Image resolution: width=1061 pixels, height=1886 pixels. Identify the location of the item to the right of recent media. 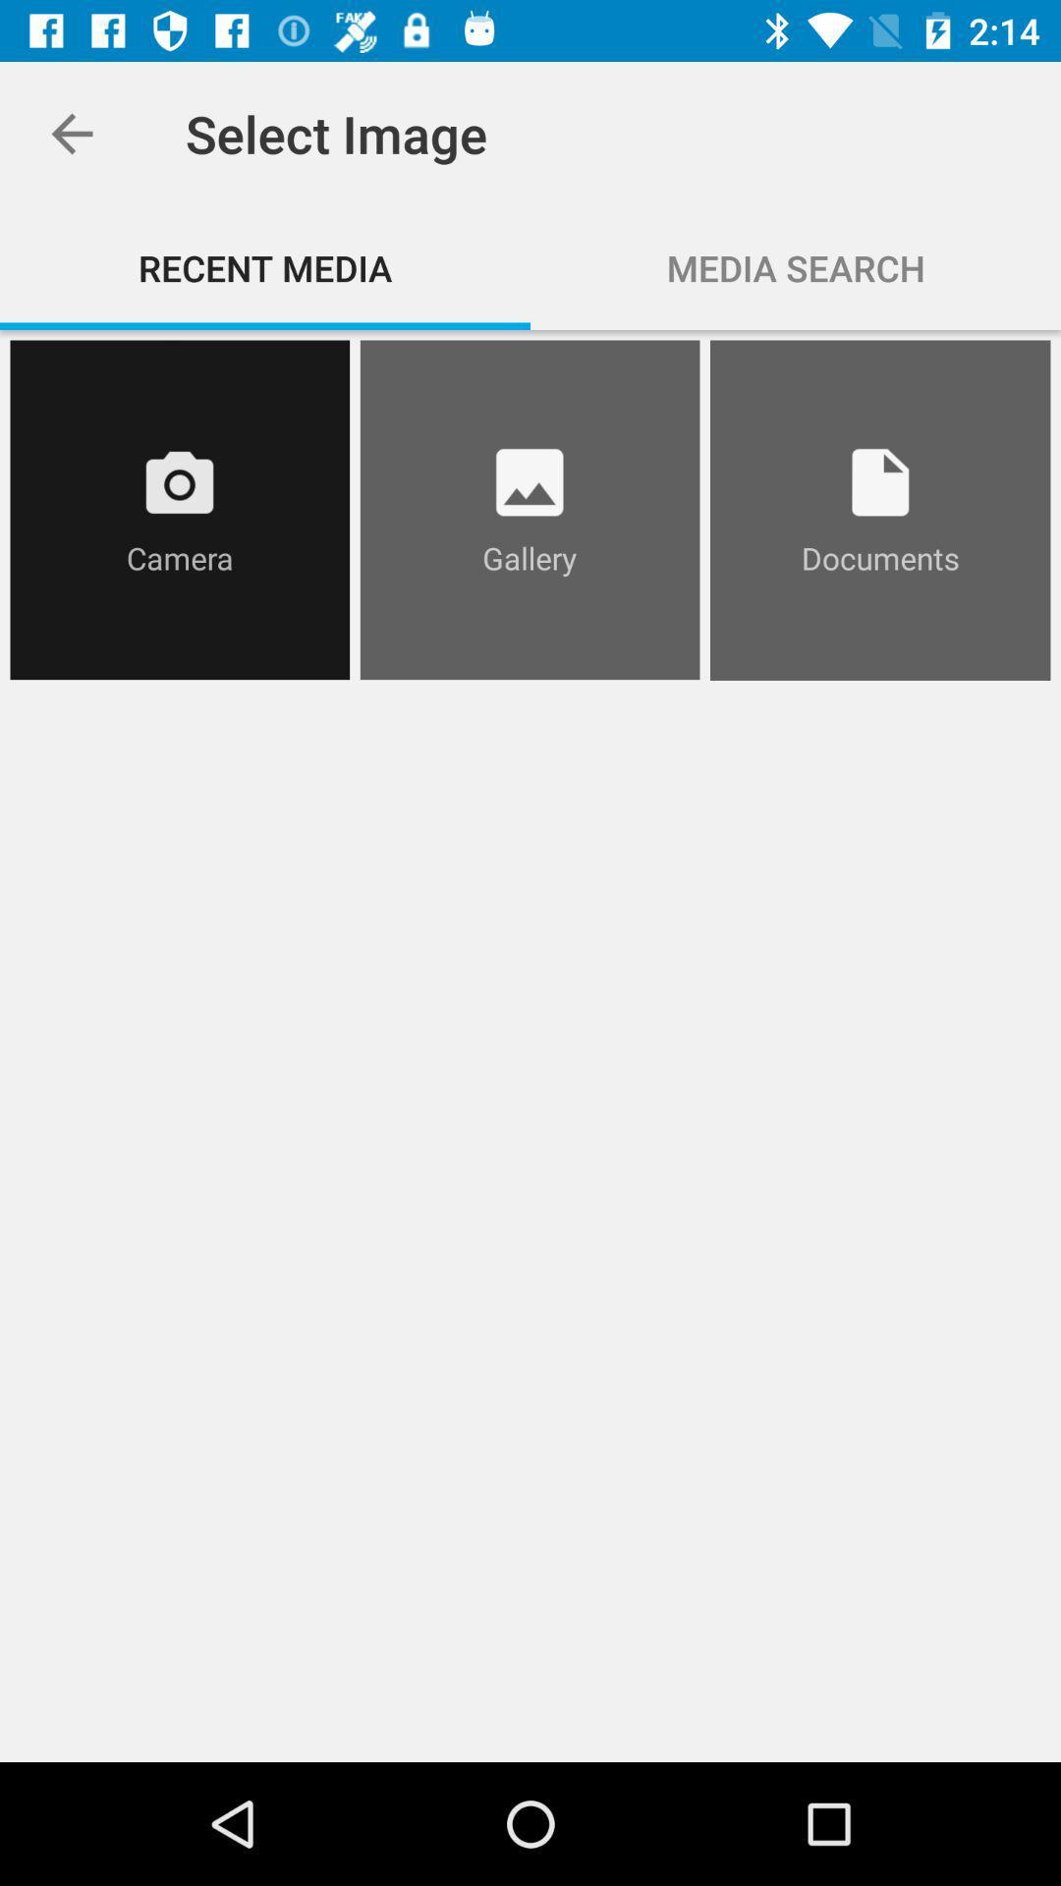
(796, 267).